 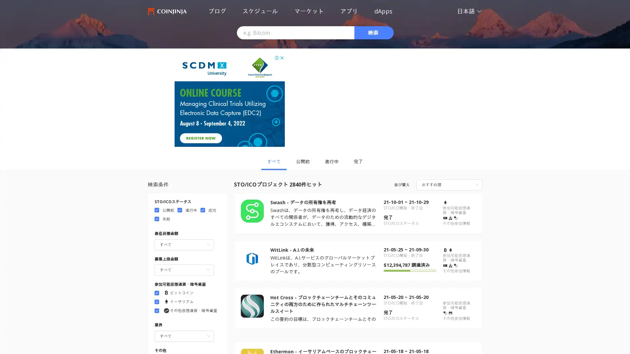 What do you see at coordinates (374, 33) in the screenshot?
I see `search` at bounding box center [374, 33].